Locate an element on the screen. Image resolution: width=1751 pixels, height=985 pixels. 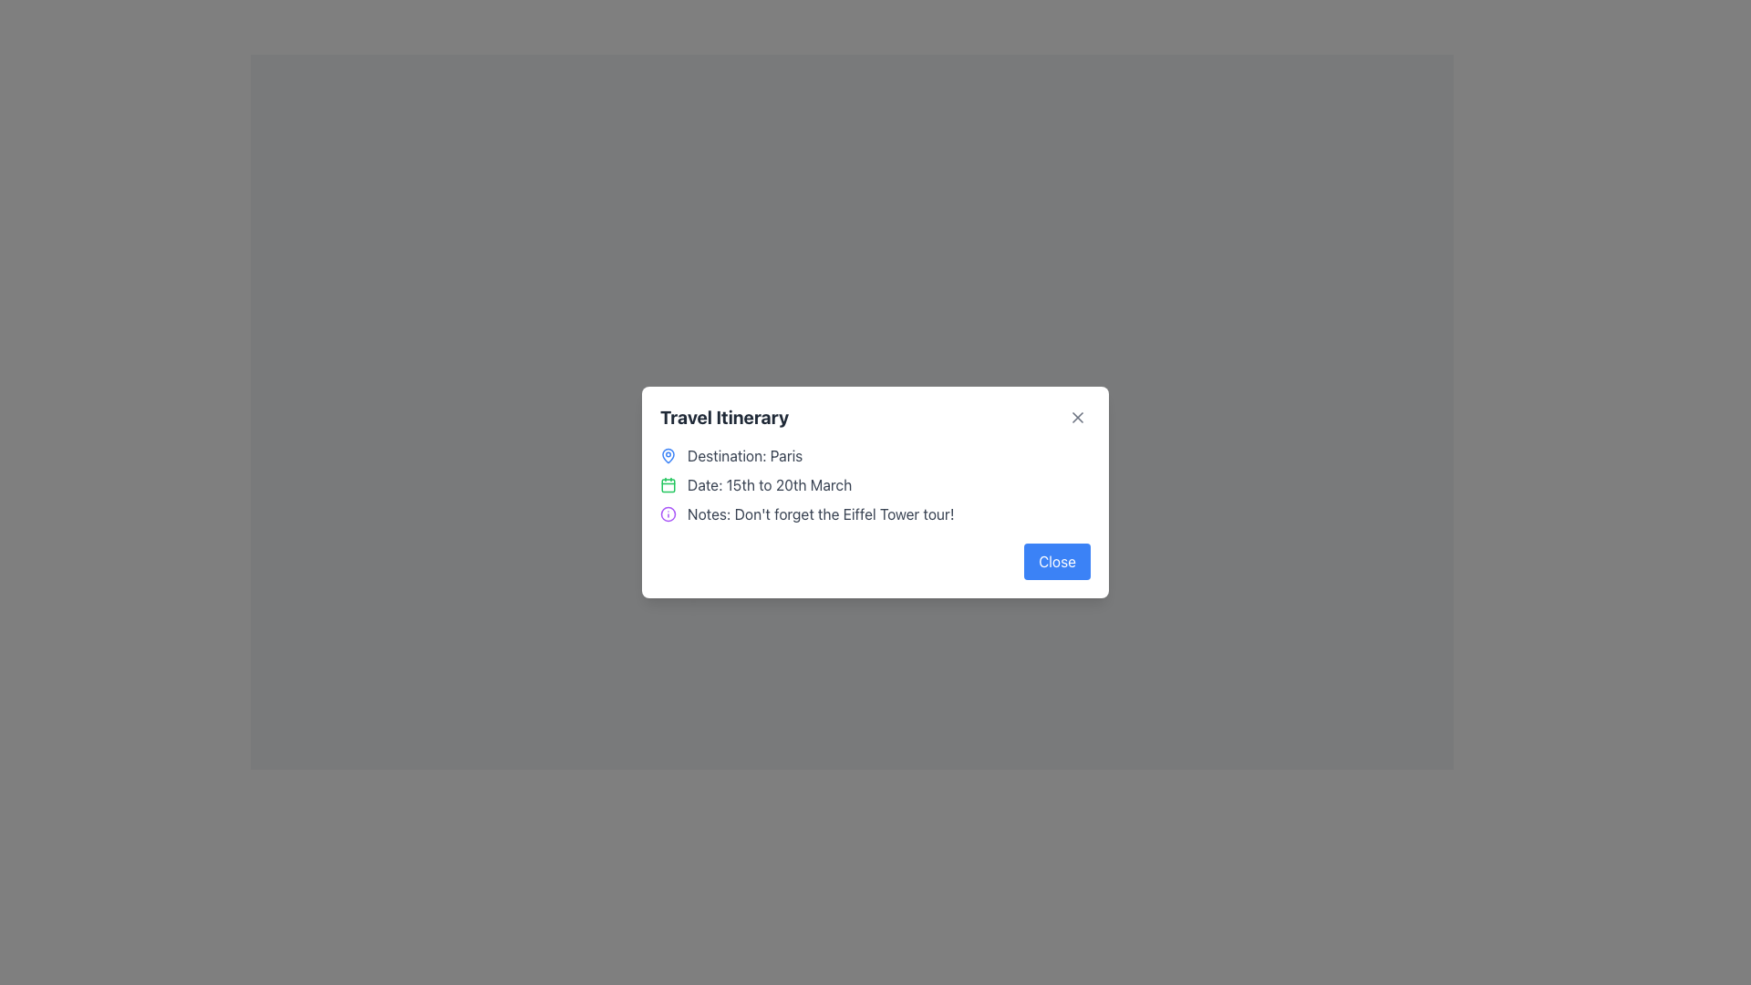
the map pin icon located within the 'Travel Itinerary' dialog box, adjacent to the 'Destination: Paris' text is located at coordinates (668, 453).